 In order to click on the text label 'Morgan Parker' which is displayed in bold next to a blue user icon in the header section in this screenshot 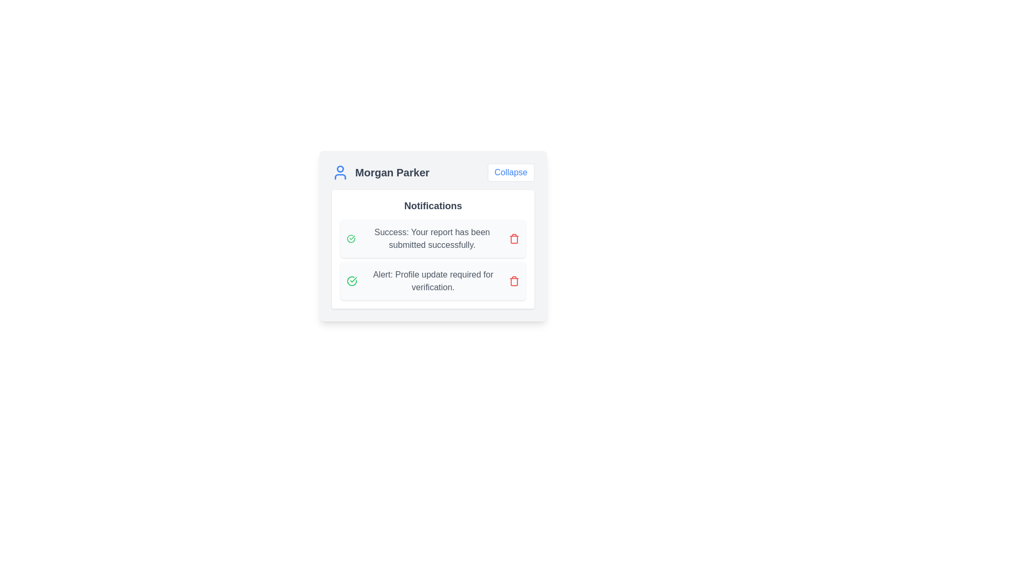, I will do `click(381, 172)`.